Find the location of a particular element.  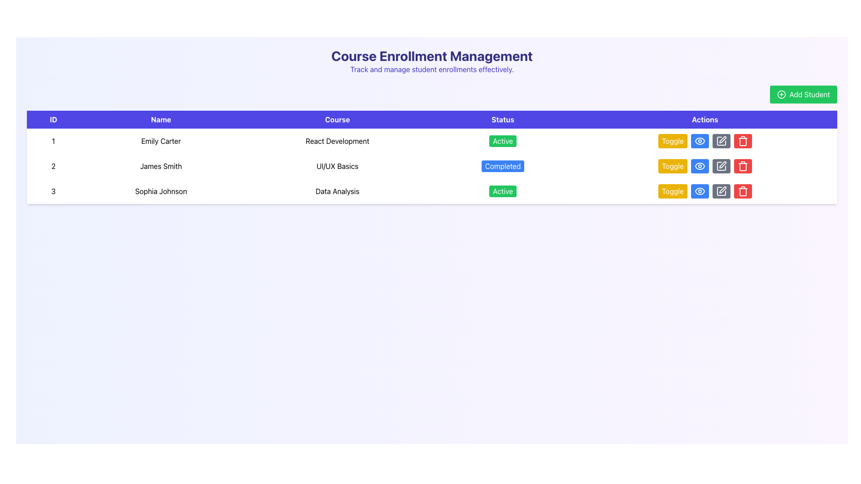

the first table cell under the header 'ID' that uniquely identifies the row for 'Emily Carter' is located at coordinates (53, 141).